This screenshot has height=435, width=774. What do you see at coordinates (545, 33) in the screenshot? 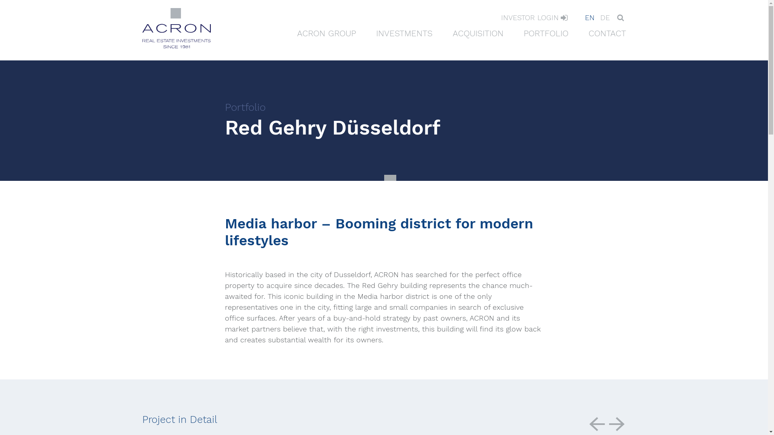
I see `'PORTFOLIO'` at bounding box center [545, 33].